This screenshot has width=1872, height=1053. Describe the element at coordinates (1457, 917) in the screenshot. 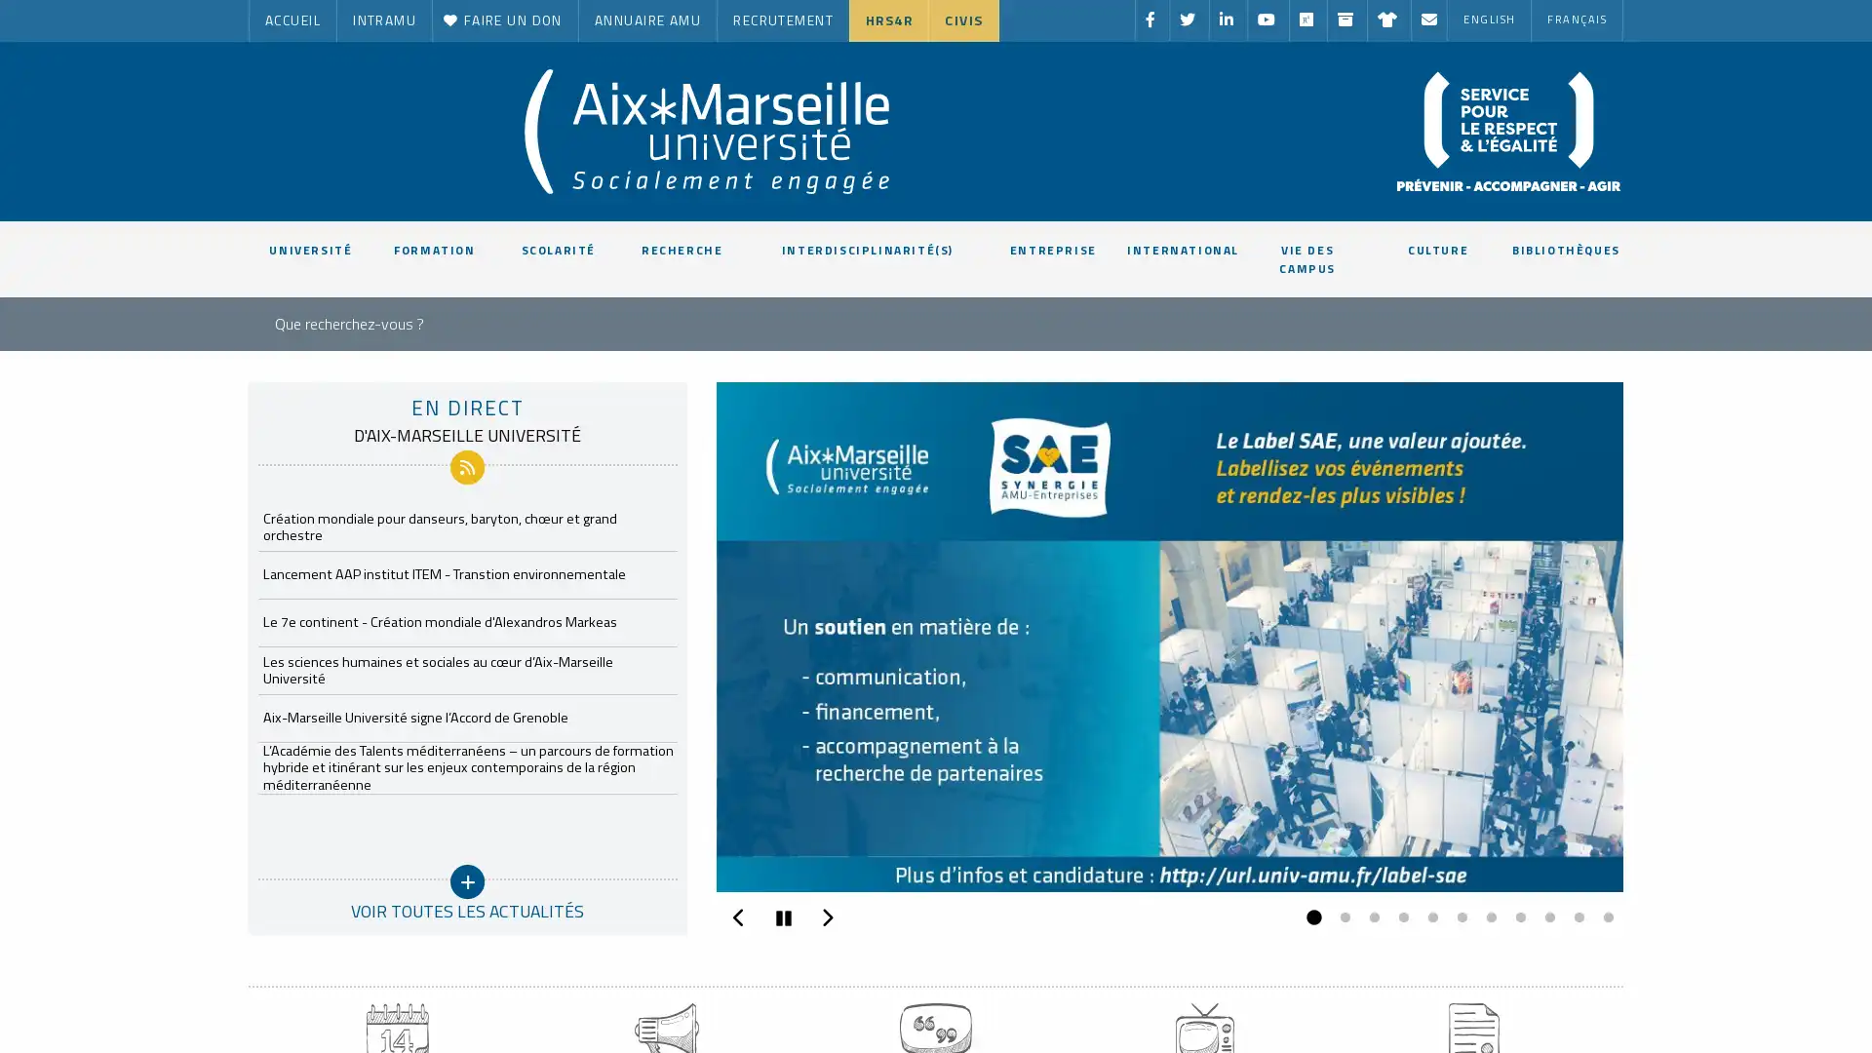

I see `Go to slide 6` at that location.